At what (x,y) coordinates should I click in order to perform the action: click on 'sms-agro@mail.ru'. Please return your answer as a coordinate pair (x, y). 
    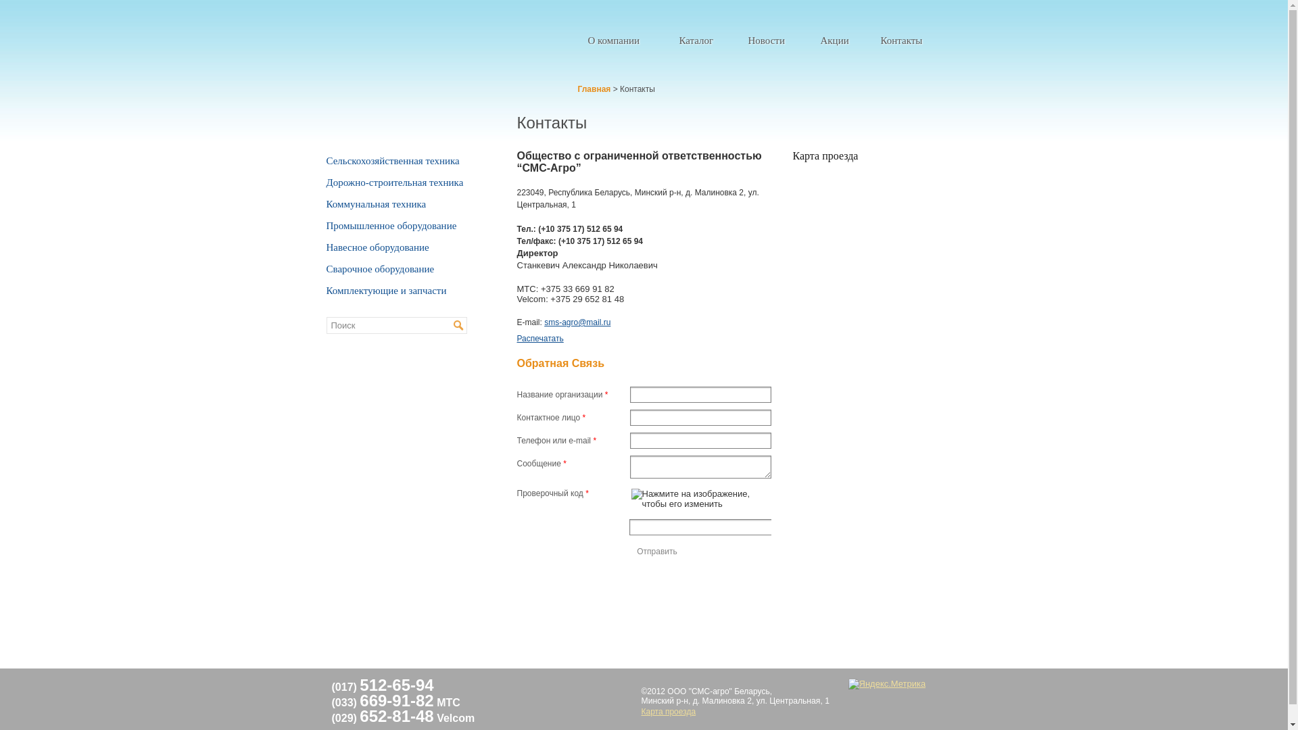
    Looking at the image, I should click on (577, 322).